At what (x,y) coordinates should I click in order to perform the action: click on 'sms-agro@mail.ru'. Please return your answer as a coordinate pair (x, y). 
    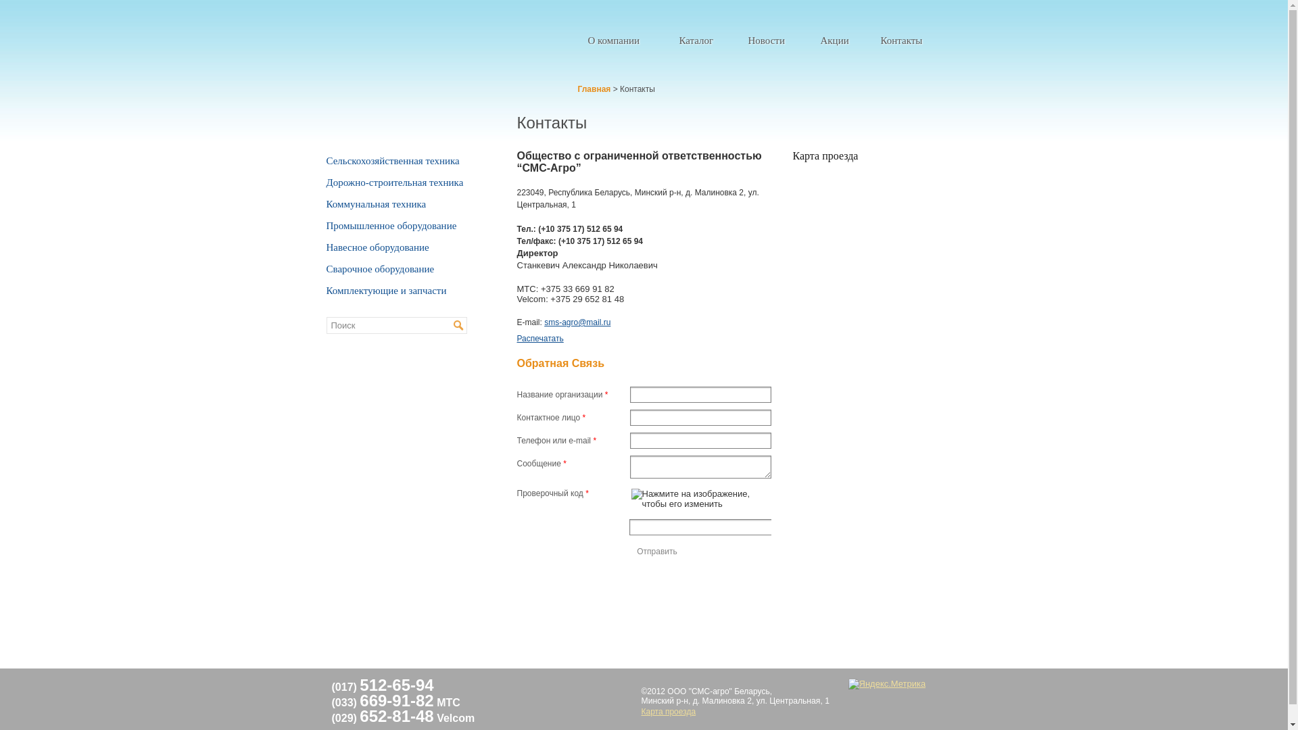
    Looking at the image, I should click on (577, 322).